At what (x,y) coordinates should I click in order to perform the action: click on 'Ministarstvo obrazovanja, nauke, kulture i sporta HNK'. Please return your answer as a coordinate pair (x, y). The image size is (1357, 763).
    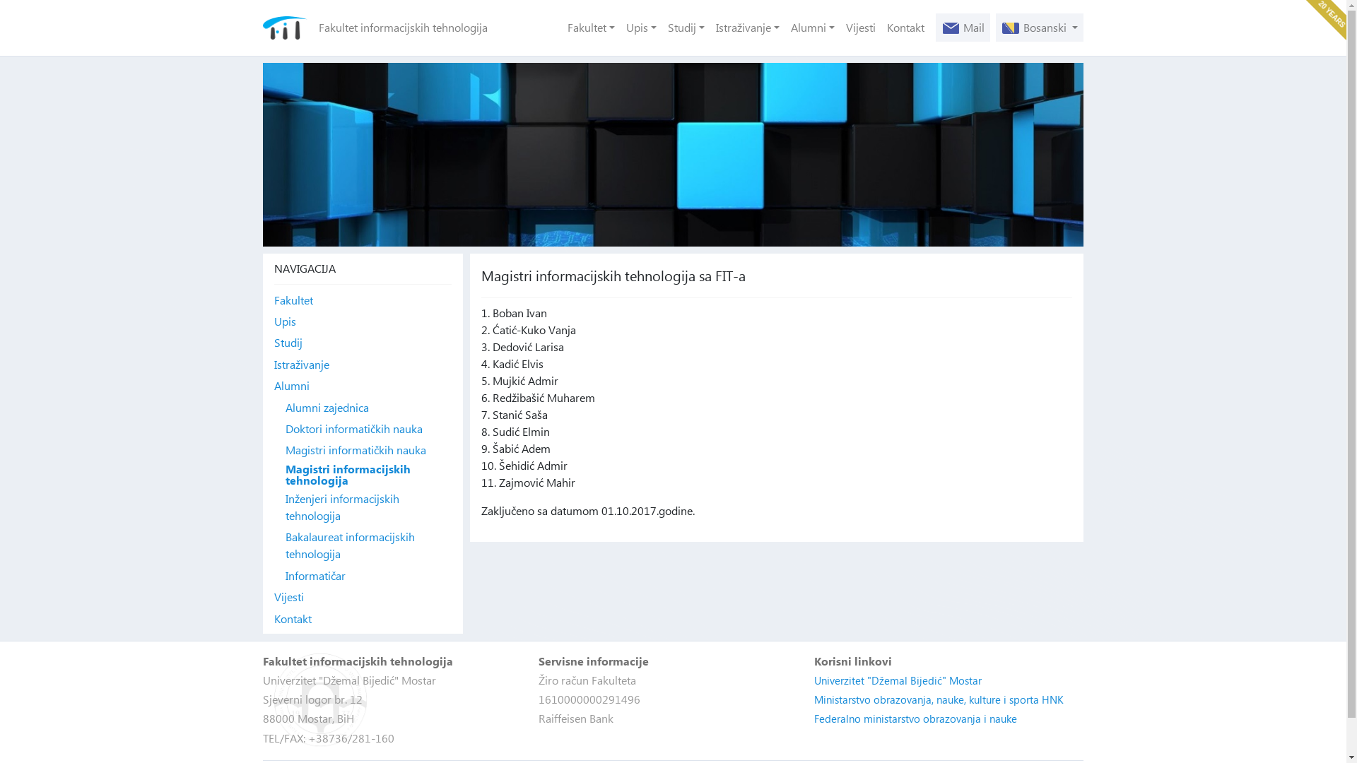
    Looking at the image, I should click on (939, 699).